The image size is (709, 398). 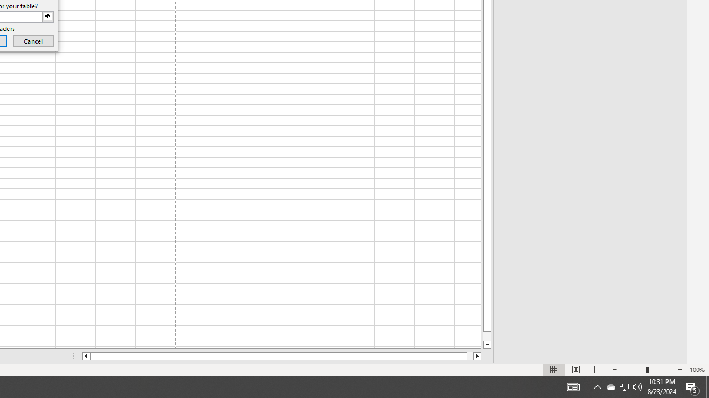 I want to click on 'Page Layout', so click(x=576, y=370).